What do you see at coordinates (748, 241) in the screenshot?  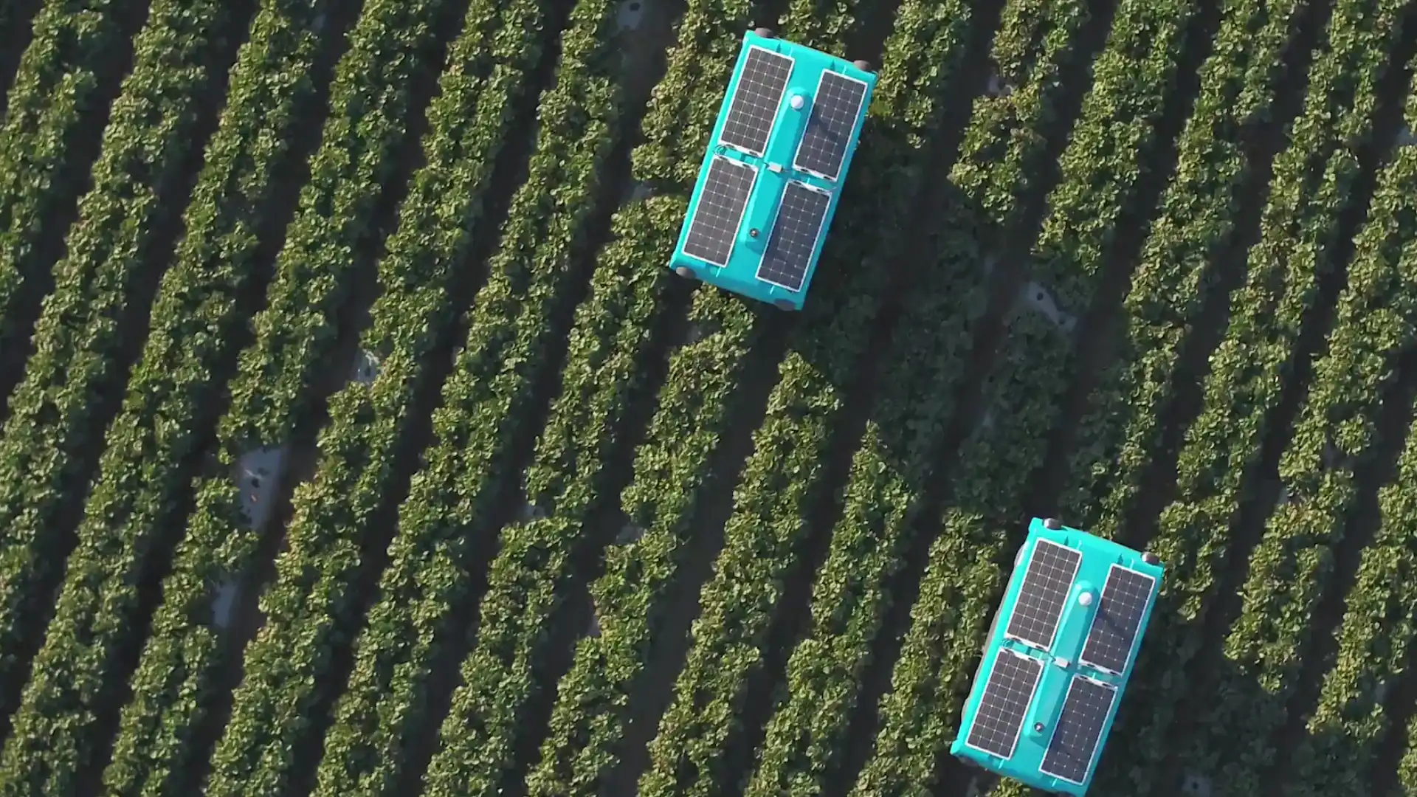 I see `Loon and Wing take flight After years of hard work and relentless testing in the real world, Loon and Wing graduate from X and become two new independent businesses within Alphabet.` at bounding box center [748, 241].